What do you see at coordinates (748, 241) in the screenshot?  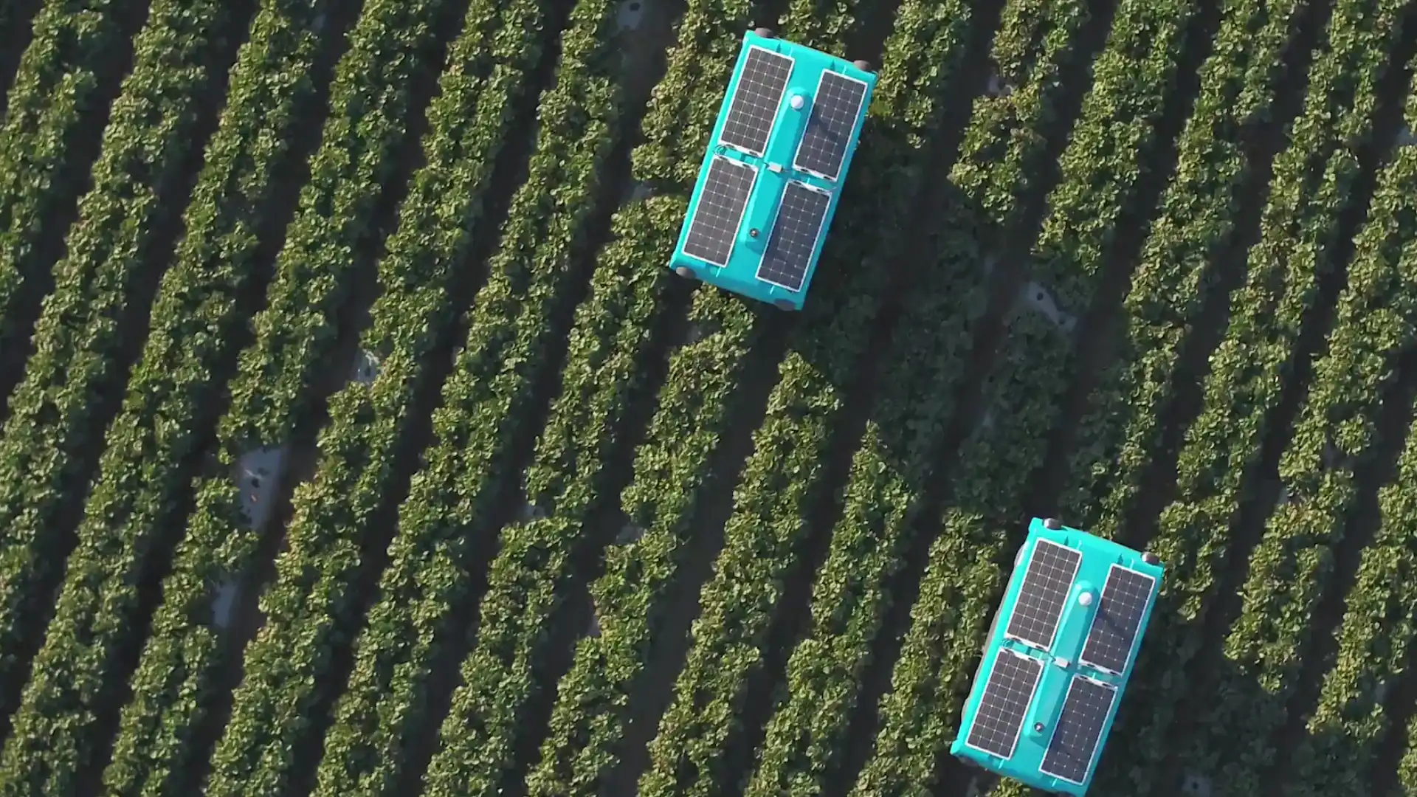 I see `Loon and Wing take flight After years of hard work and relentless testing in the real world, Loon and Wing graduate from X and become two new independent businesses within Alphabet.` at bounding box center [748, 241].